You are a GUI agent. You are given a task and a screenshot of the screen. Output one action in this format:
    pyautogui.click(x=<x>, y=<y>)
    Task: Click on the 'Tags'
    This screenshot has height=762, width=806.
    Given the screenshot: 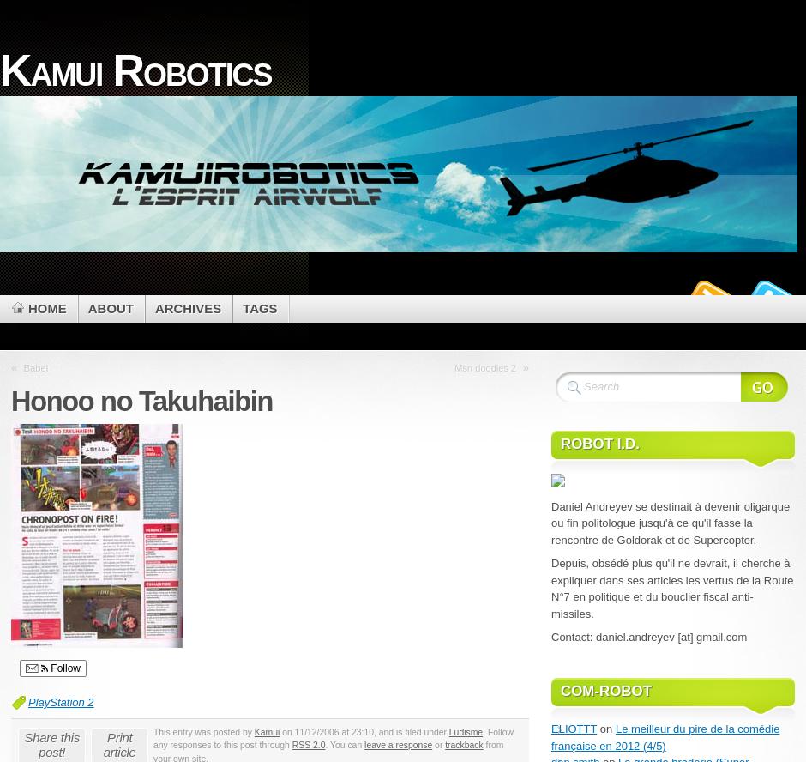 What is the action you would take?
    pyautogui.click(x=258, y=307)
    